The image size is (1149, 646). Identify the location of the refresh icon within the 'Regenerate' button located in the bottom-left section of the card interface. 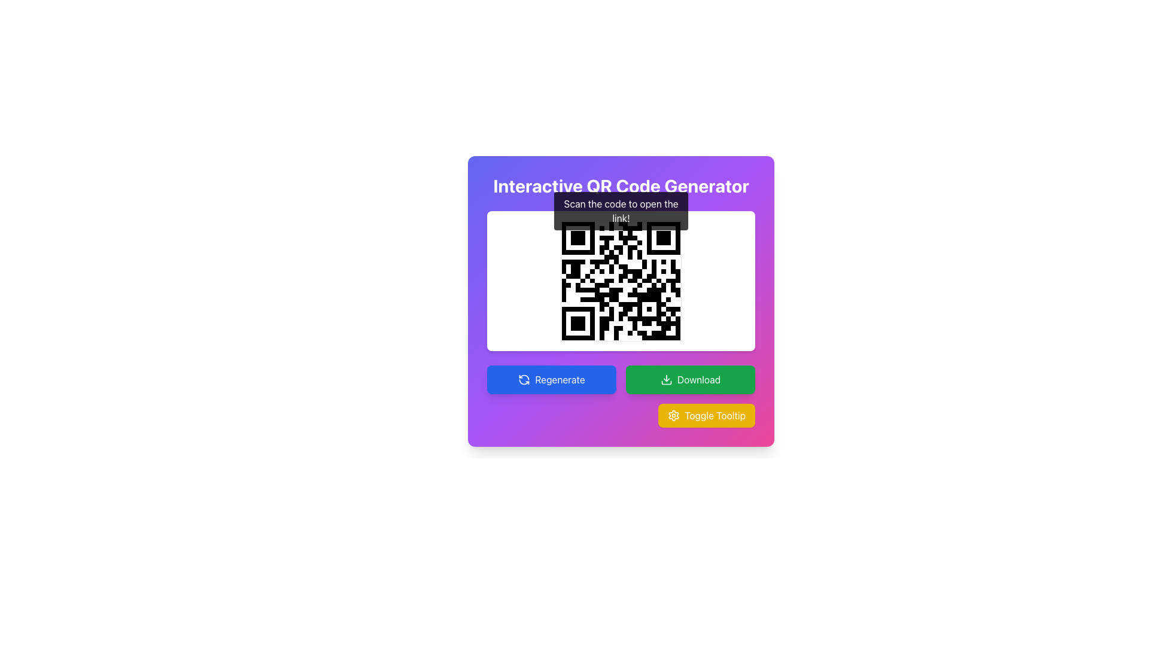
(524, 380).